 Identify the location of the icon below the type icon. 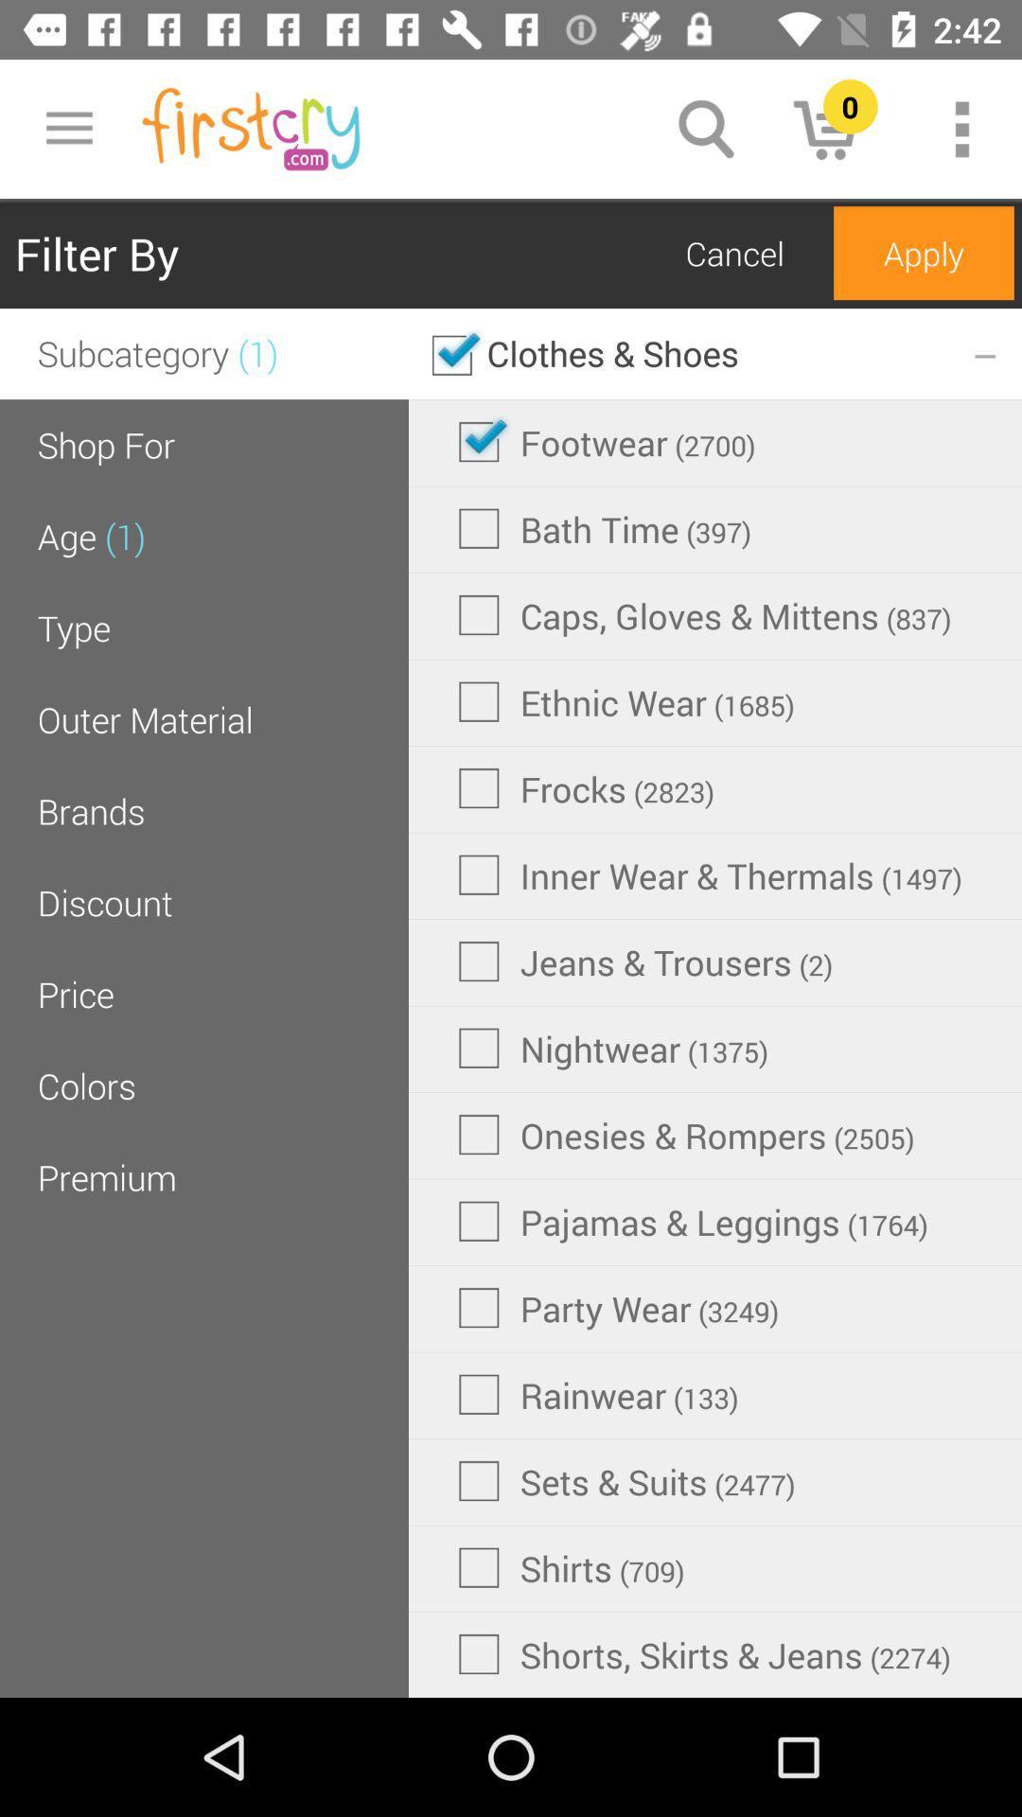
(144, 718).